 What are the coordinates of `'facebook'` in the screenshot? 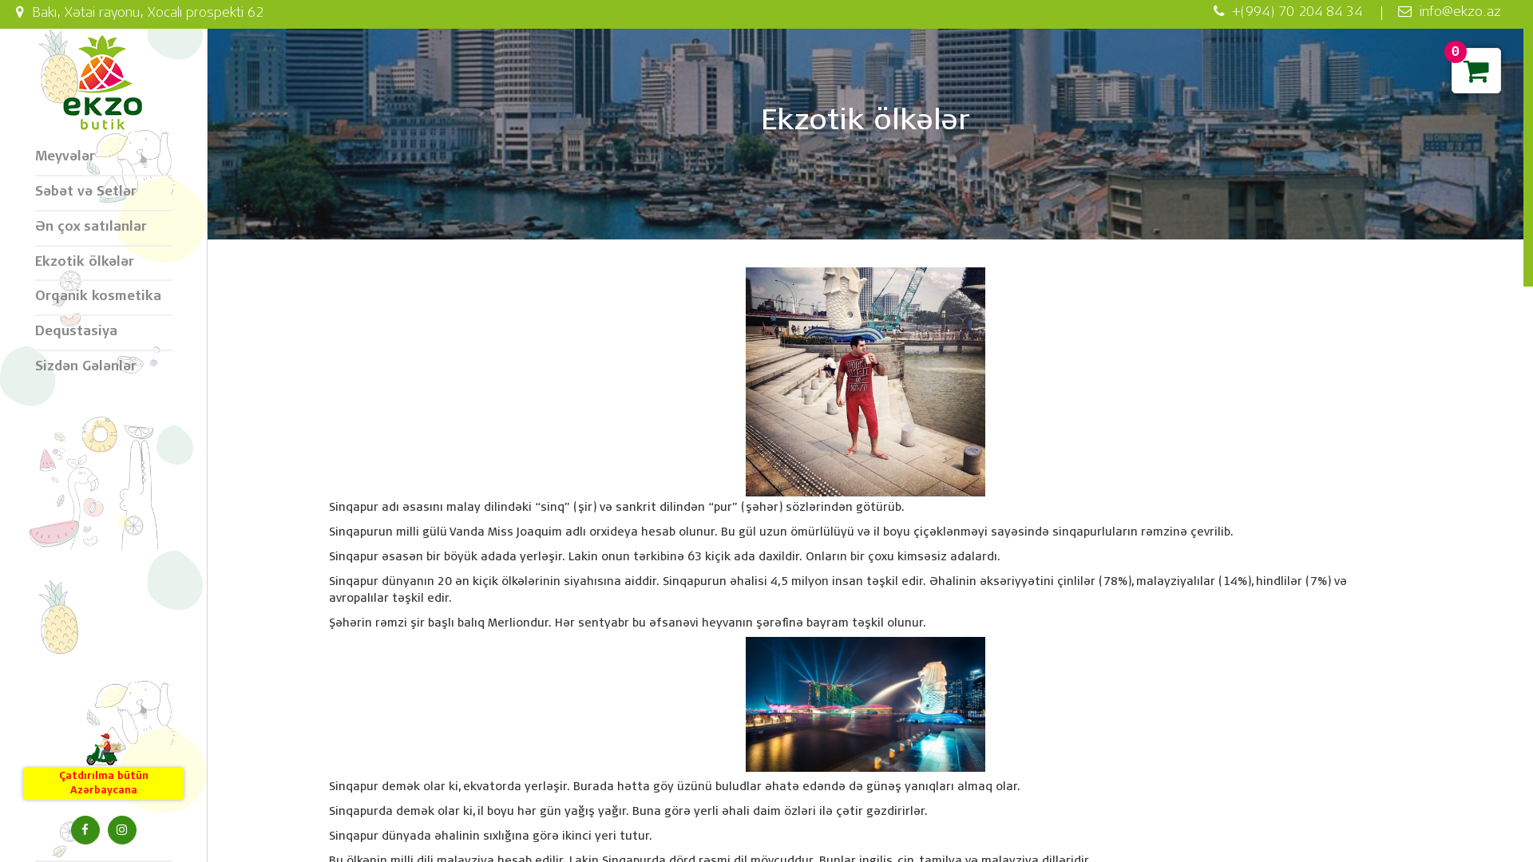 It's located at (83, 829).